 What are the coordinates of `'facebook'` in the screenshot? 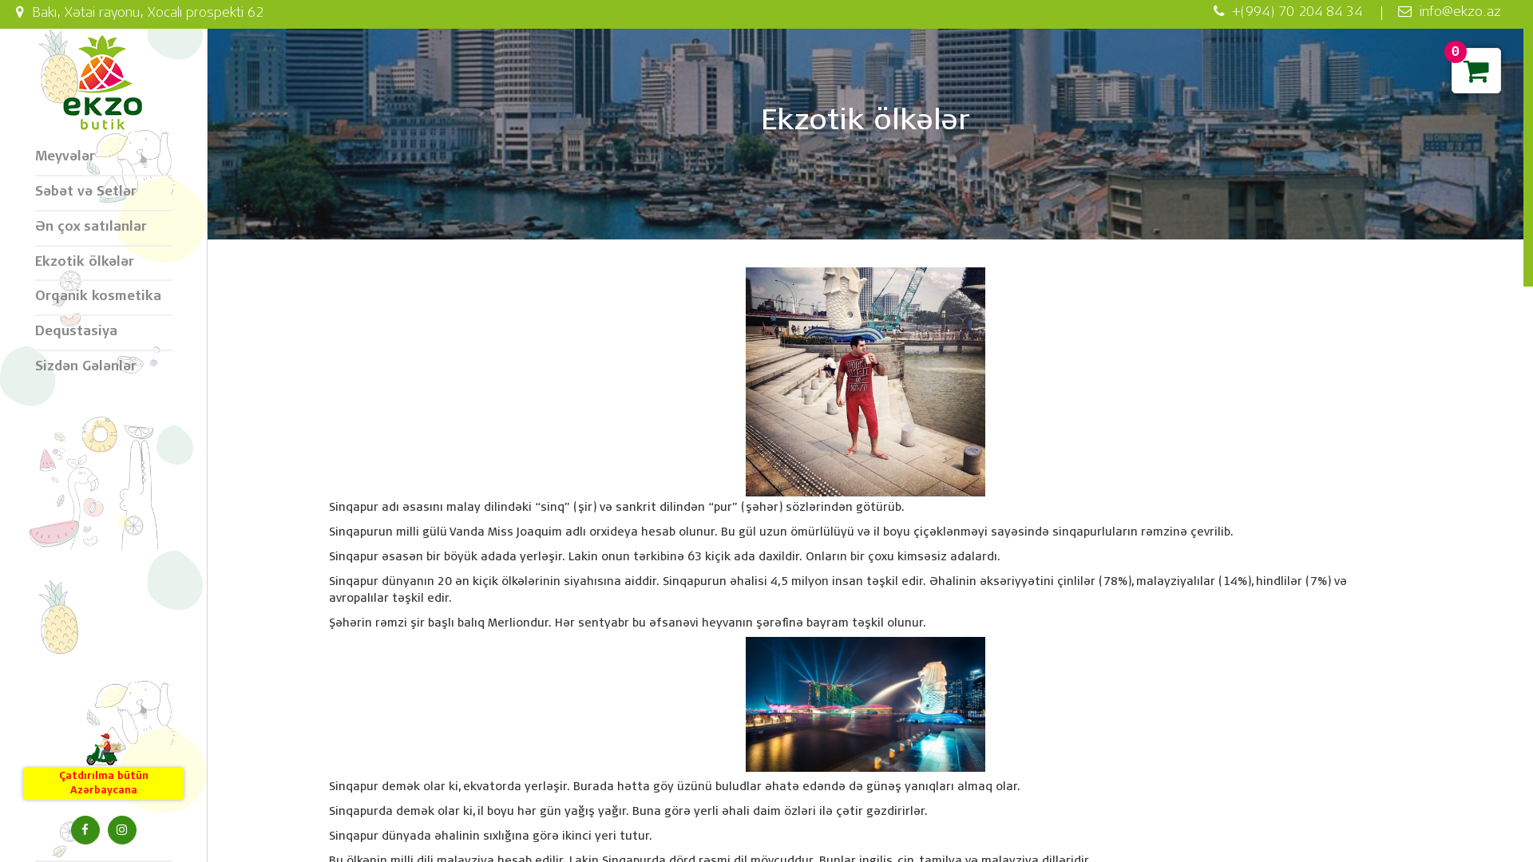 It's located at (83, 829).